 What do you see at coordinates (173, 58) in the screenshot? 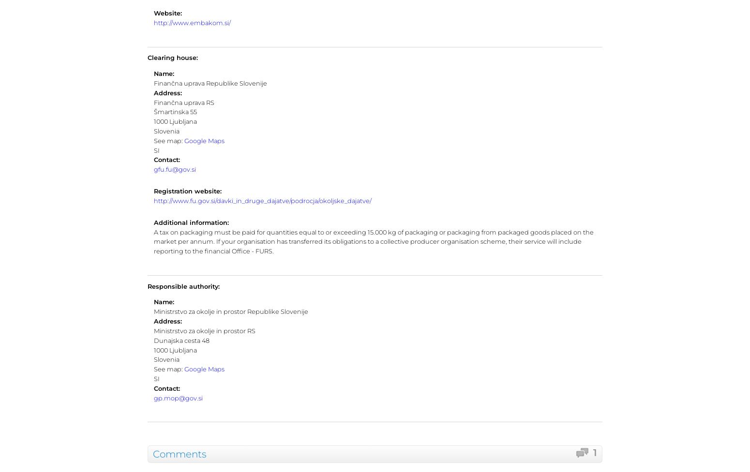
I see `'Clearing house:'` at bounding box center [173, 58].